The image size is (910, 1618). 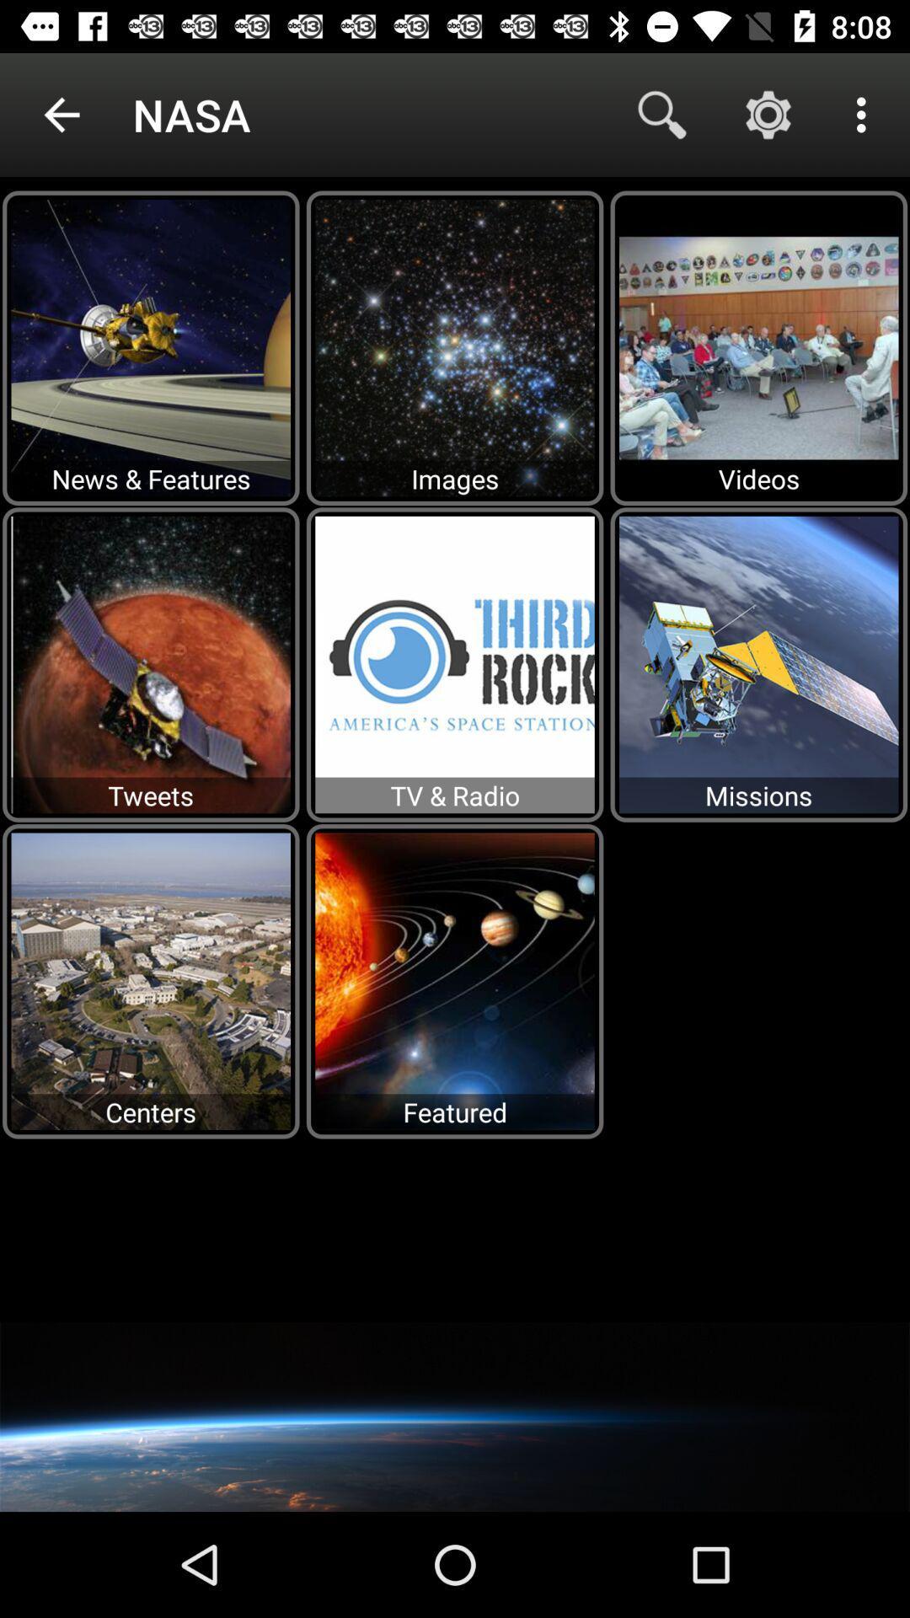 What do you see at coordinates (61, 114) in the screenshot?
I see `app to the left of the nasa item` at bounding box center [61, 114].